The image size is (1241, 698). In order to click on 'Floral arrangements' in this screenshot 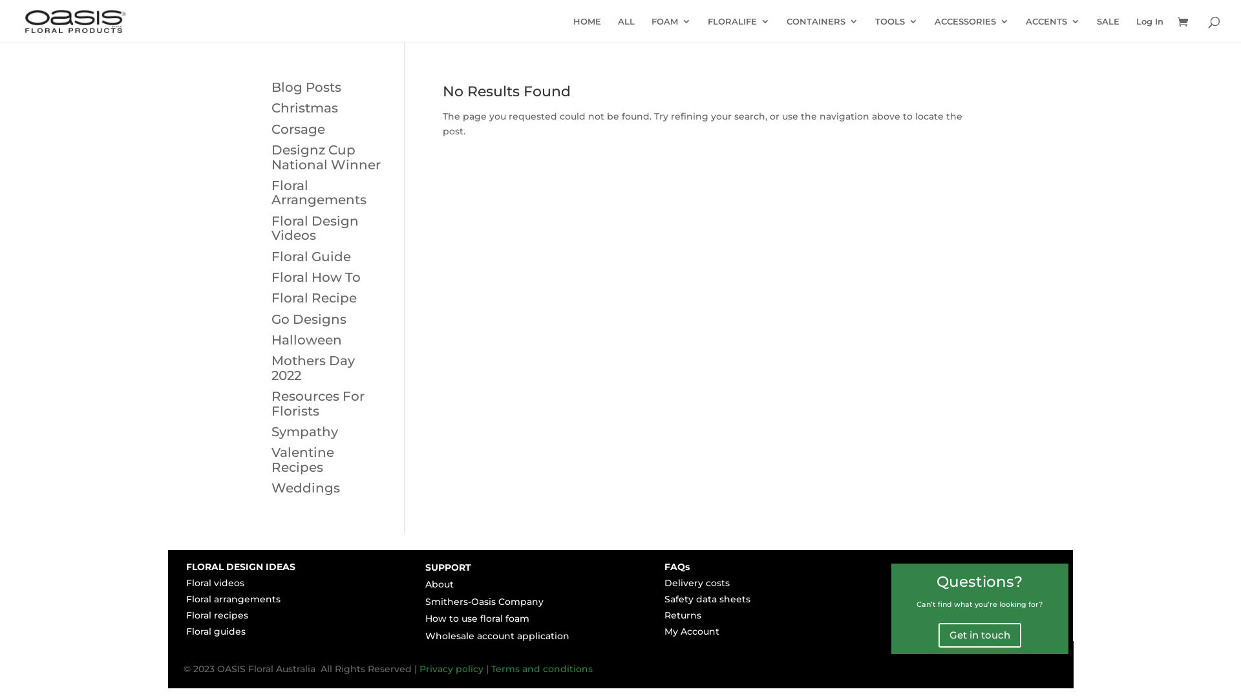, I will do `click(233, 598)`.